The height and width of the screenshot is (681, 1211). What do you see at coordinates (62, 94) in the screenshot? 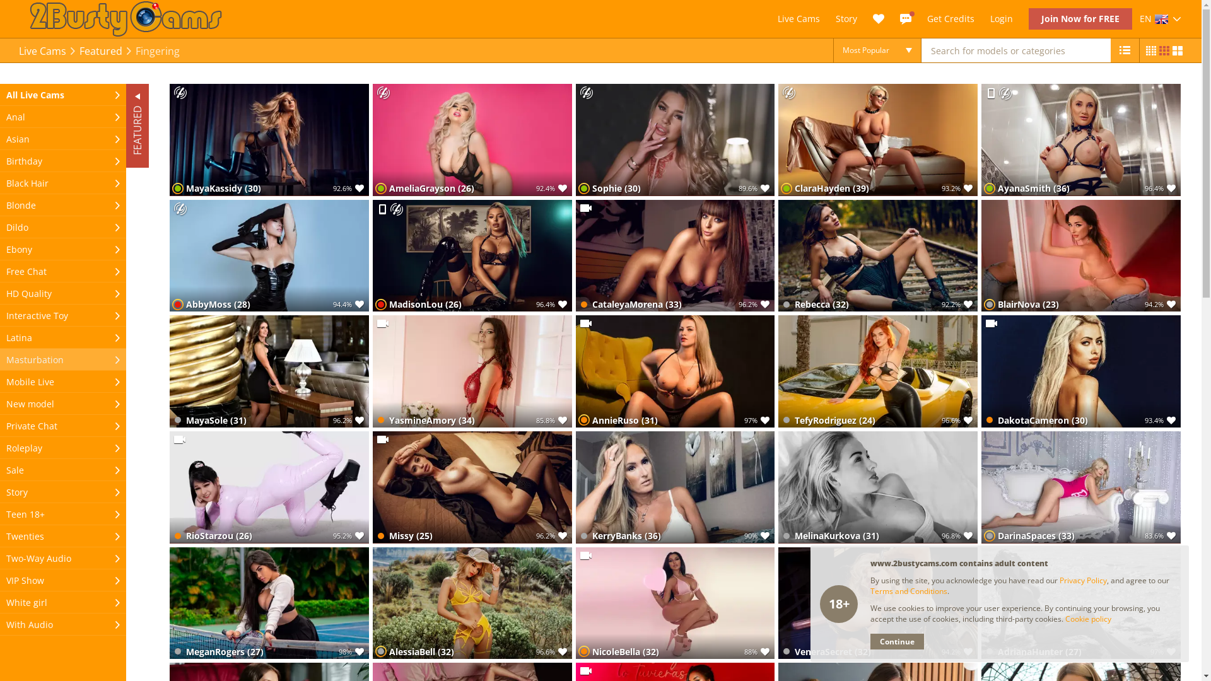
I see `'All Live Cams'` at bounding box center [62, 94].